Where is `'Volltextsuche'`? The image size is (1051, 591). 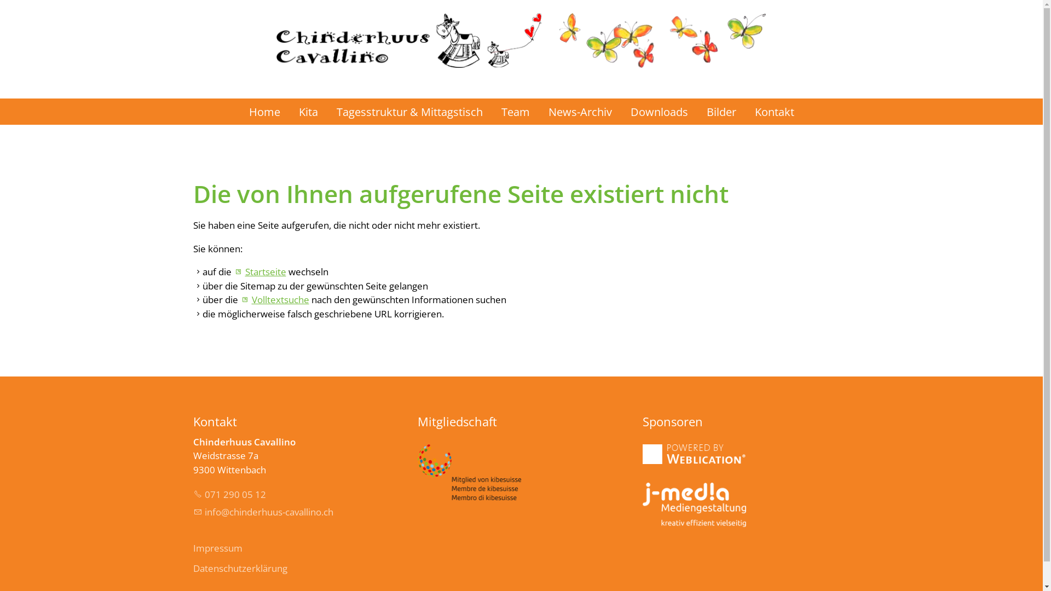 'Volltextsuche' is located at coordinates (239, 299).